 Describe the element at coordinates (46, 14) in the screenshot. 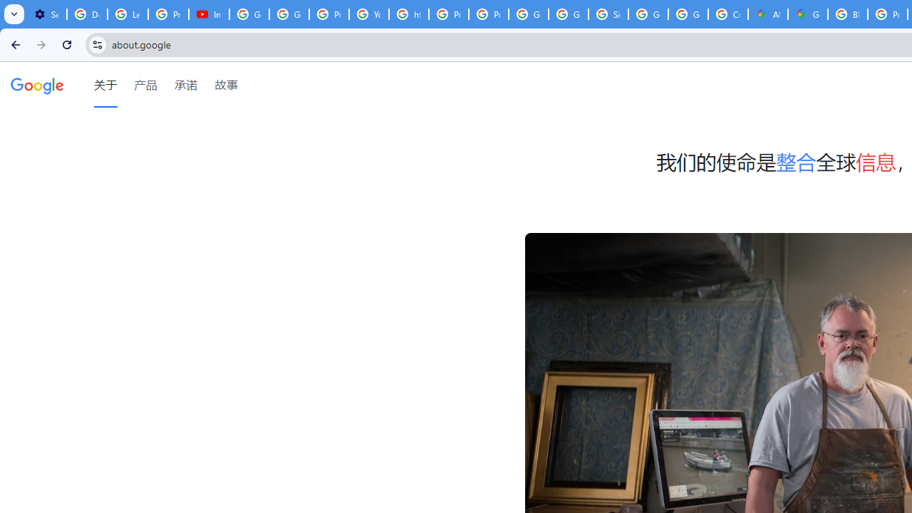

I see `'Settings - Customize profile'` at that location.